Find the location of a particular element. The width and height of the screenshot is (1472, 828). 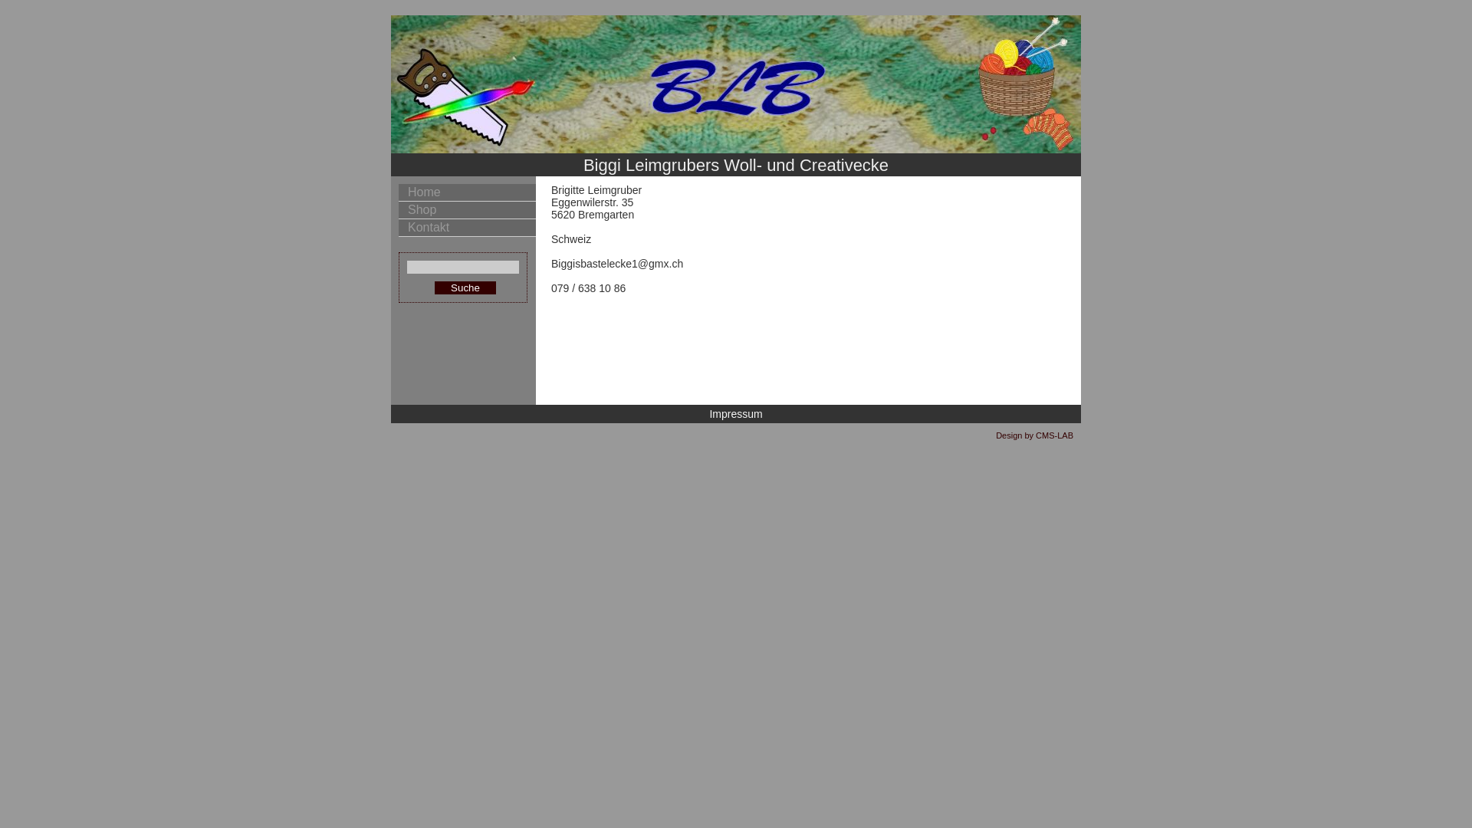

'Suche' is located at coordinates (464, 287).